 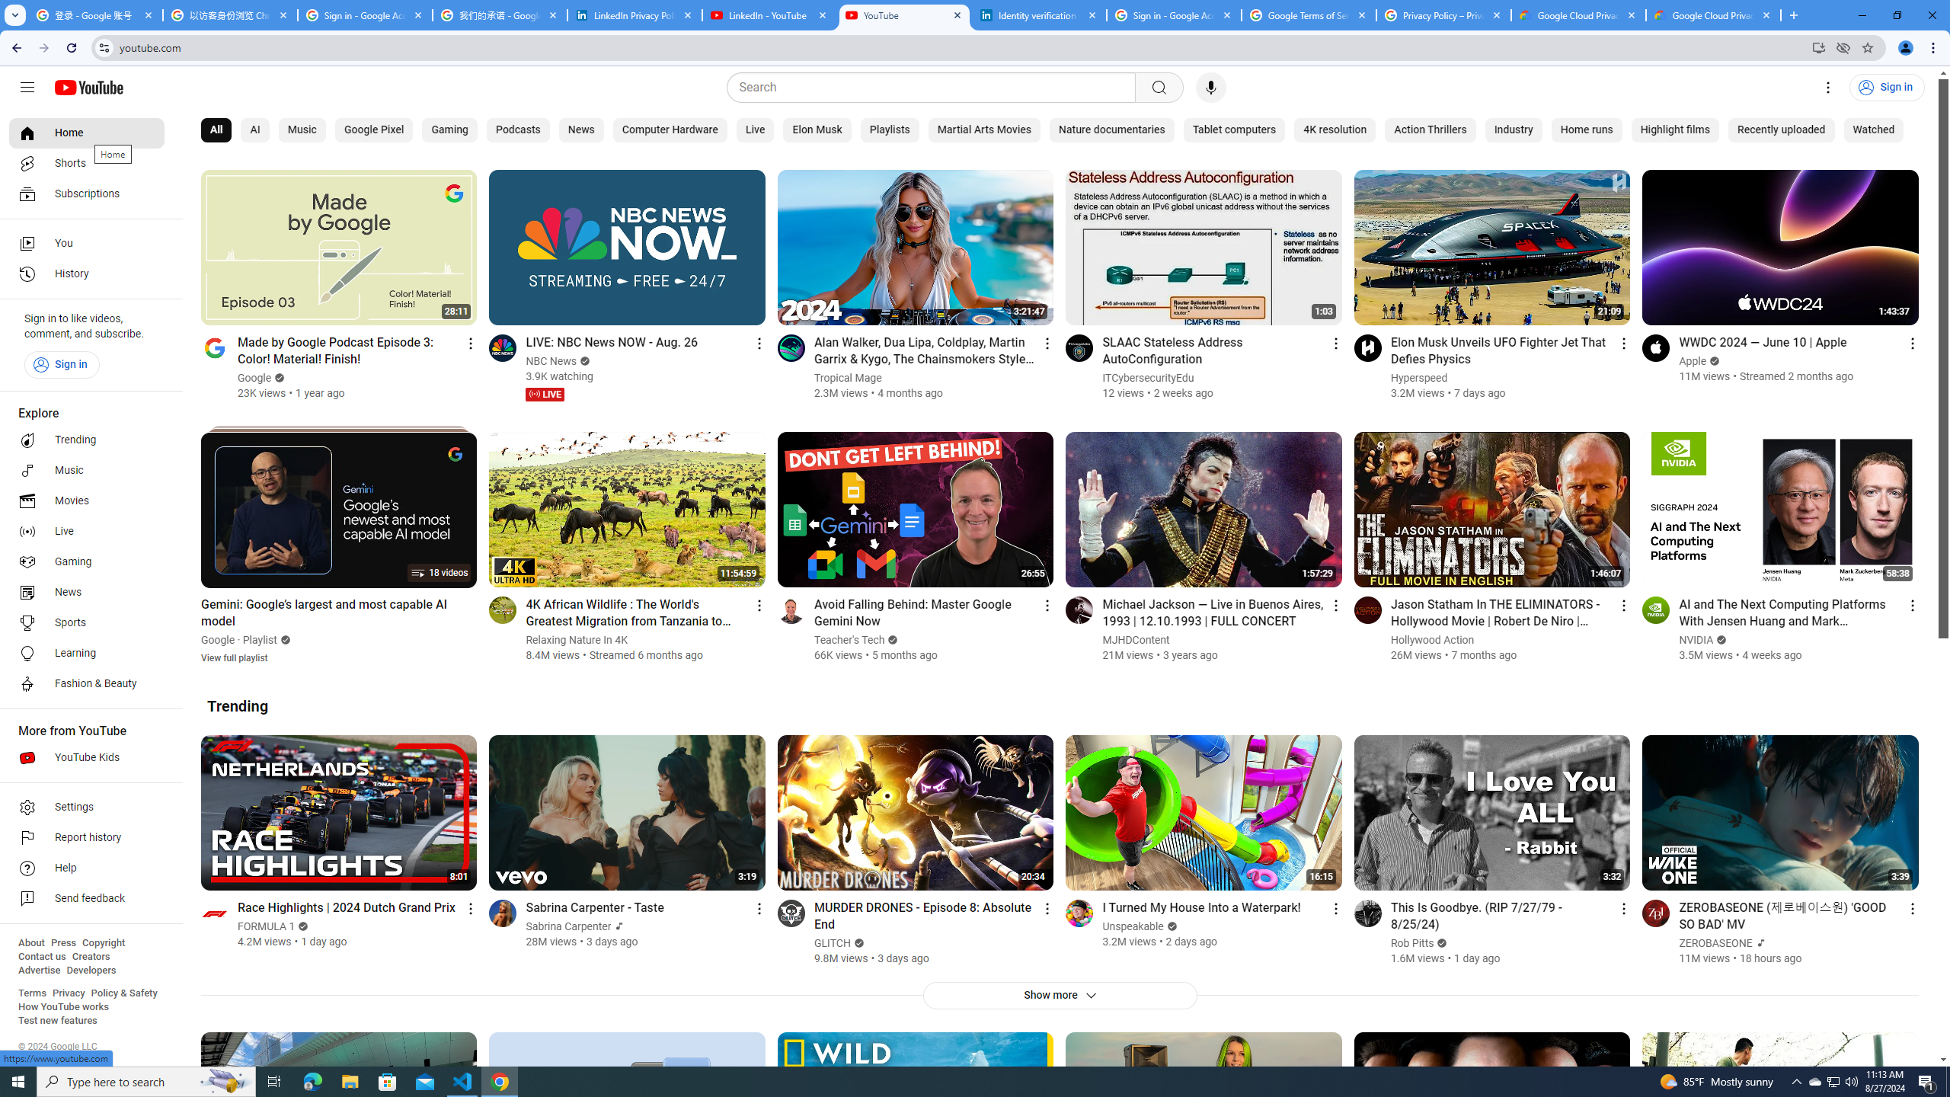 I want to click on 'View full playlist', so click(x=234, y=657).